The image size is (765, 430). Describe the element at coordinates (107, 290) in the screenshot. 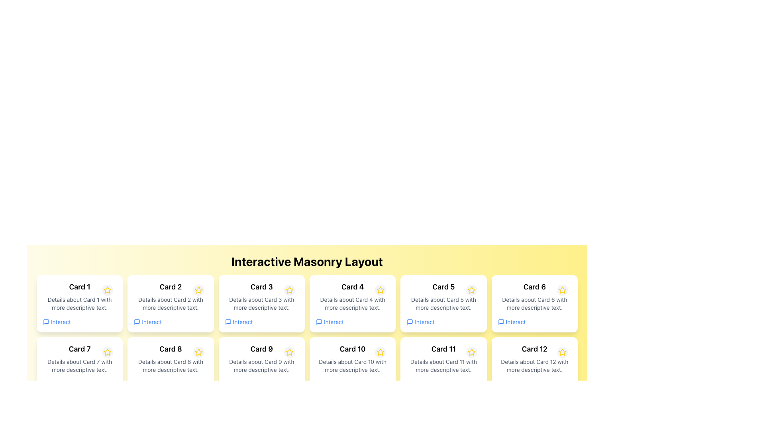

I see `the decorative star icon with a yellow border located at the top right corner of 'Card 1' to mark it as a favorite` at that location.